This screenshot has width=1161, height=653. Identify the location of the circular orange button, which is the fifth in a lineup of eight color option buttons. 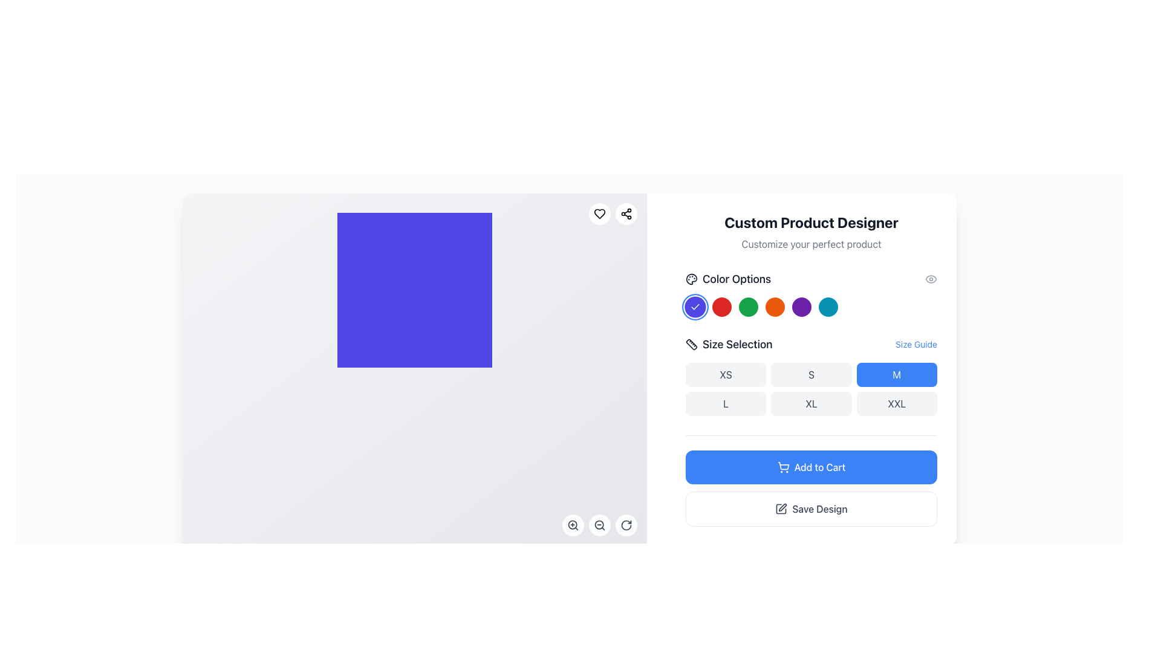
(775, 307).